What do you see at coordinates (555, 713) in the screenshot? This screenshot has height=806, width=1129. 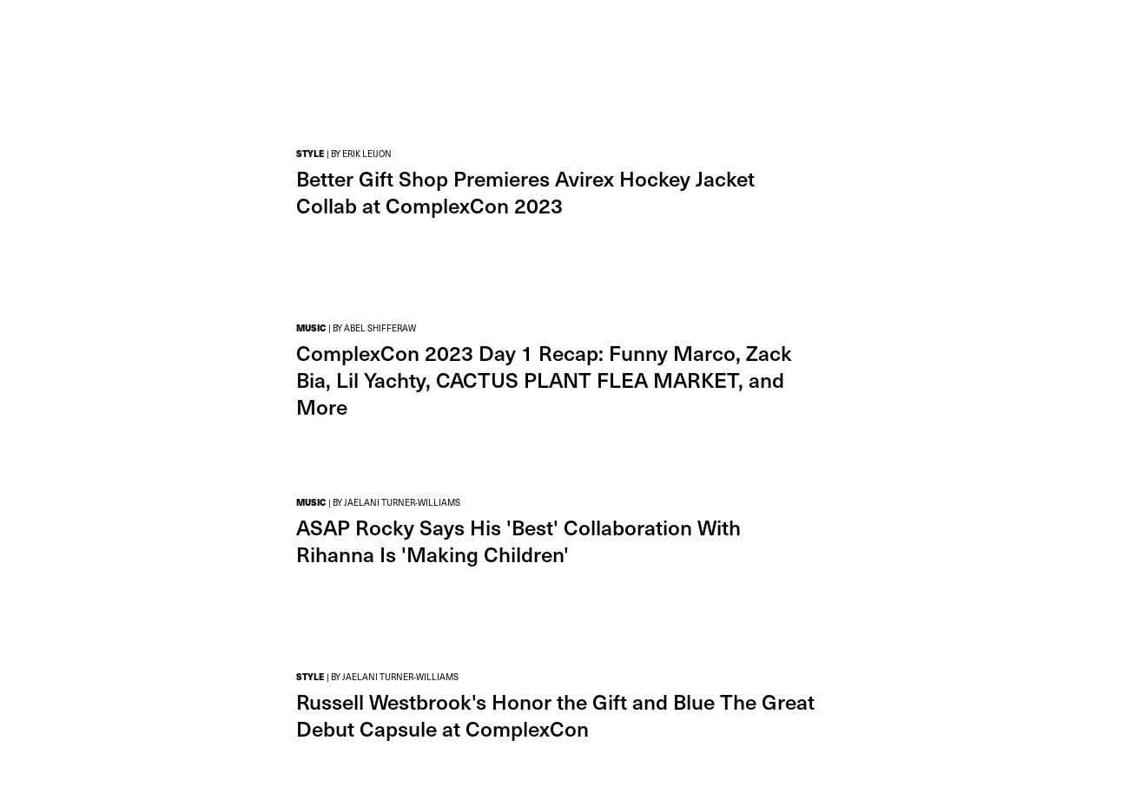 I see `'Russell Westbrook's Honor the Gift and Blue The Great Debut Capsule at ComplexCon'` at bounding box center [555, 713].